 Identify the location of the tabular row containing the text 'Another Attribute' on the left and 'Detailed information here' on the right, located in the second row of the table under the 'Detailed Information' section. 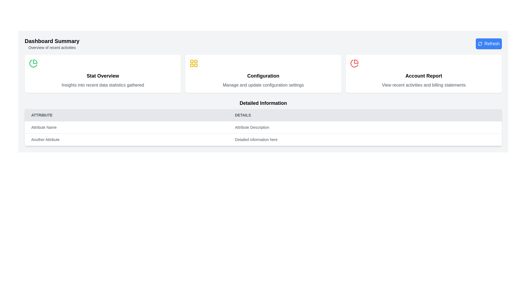
(263, 139).